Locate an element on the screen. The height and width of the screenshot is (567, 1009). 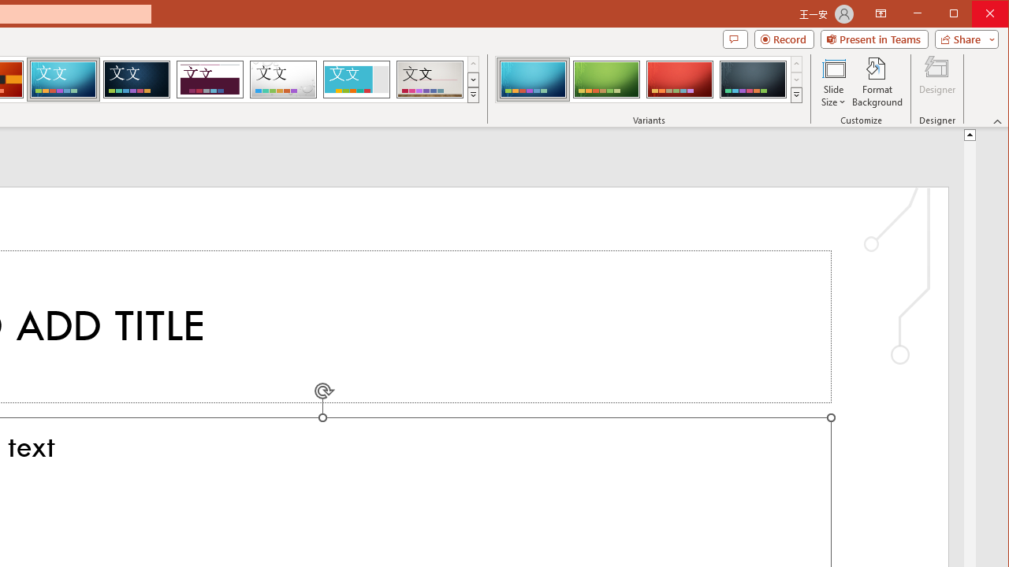
'Minimize' is located at coordinates (958, 15).